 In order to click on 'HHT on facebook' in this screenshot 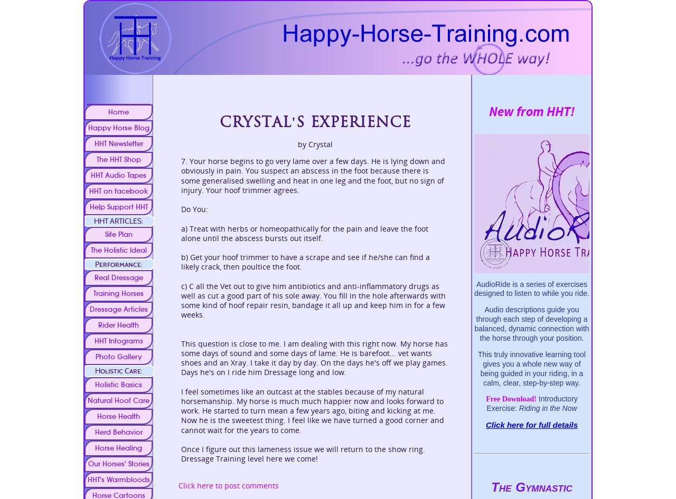, I will do `click(118, 191)`.